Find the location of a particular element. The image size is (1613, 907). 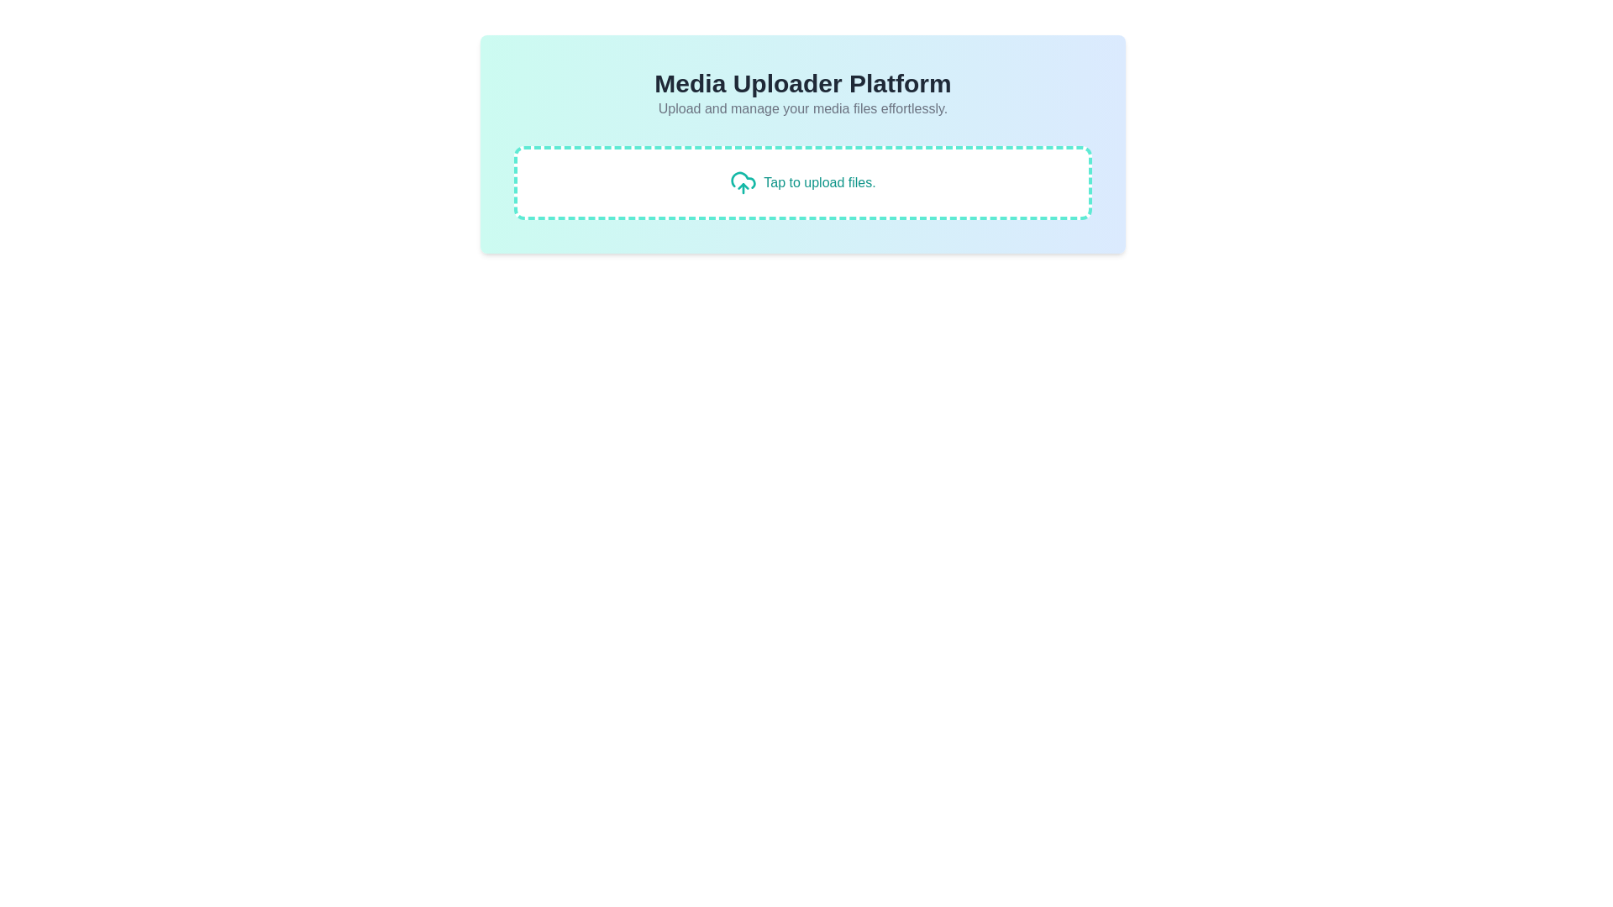

the interactive file upload button with dashed teal edges and a cloud upload icon is located at coordinates (801, 183).